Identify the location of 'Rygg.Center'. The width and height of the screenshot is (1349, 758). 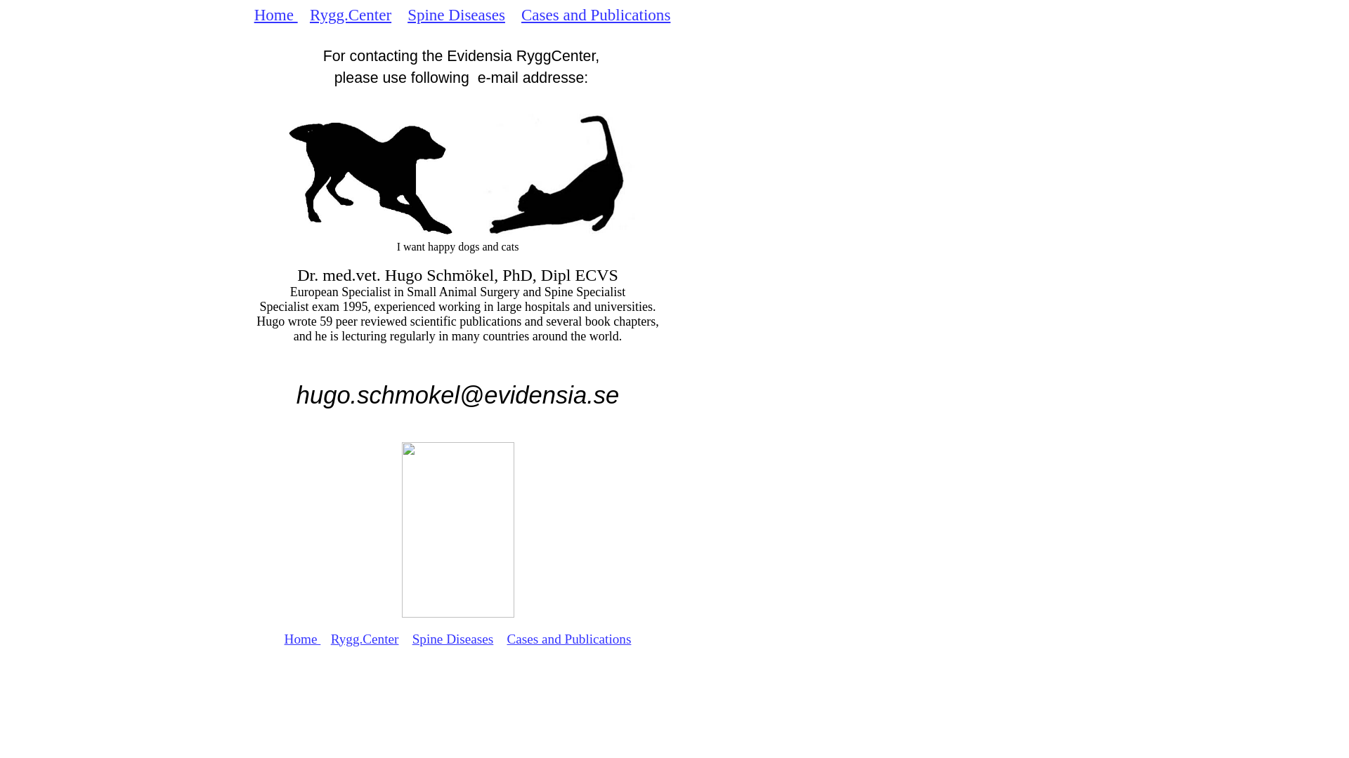
(351, 14).